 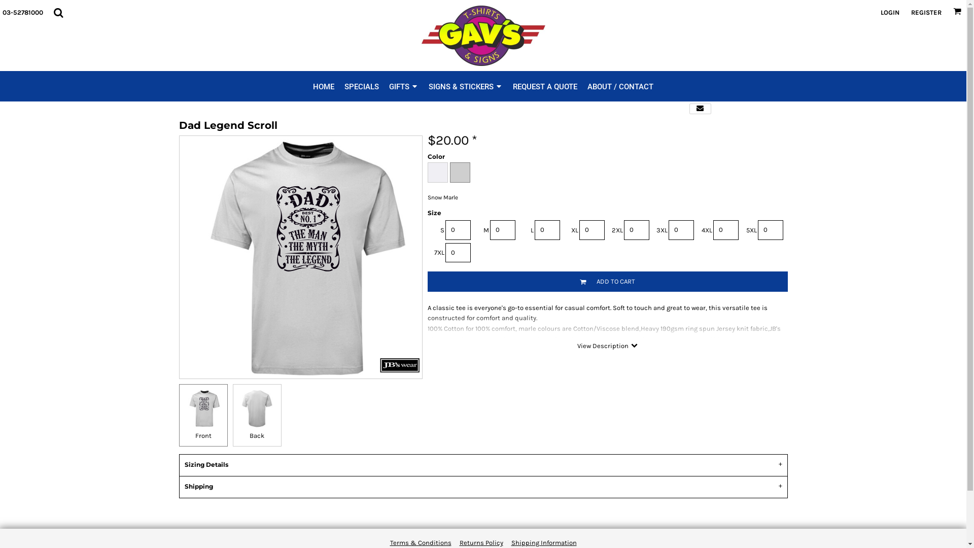 What do you see at coordinates (587, 85) in the screenshot?
I see `'ABOUT / CONTACT'` at bounding box center [587, 85].